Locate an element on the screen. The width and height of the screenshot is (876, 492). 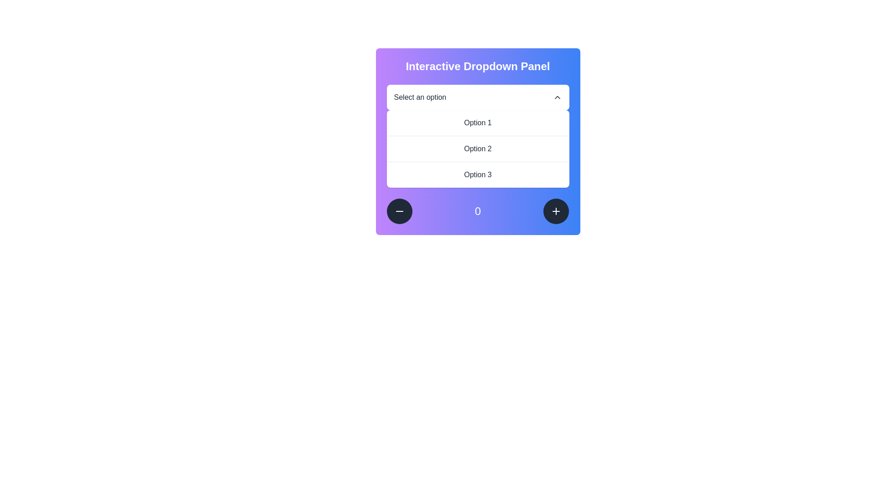
the dropdown button located below the title 'Interactive Dropdown Panel' is located at coordinates (477, 97).